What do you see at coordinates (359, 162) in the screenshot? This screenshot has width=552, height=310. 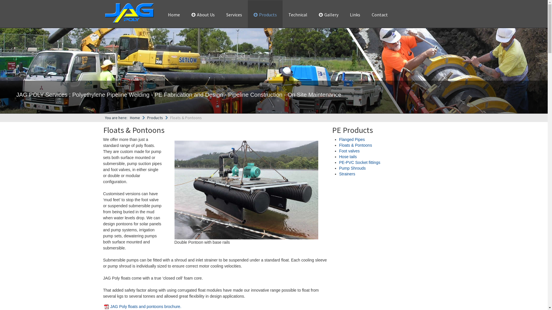 I see `'PE-PVC Socket fittings'` at bounding box center [359, 162].